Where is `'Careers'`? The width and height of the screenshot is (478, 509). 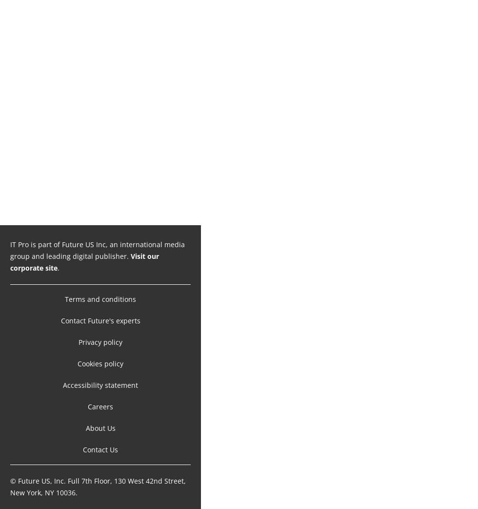 'Careers' is located at coordinates (100, 406).